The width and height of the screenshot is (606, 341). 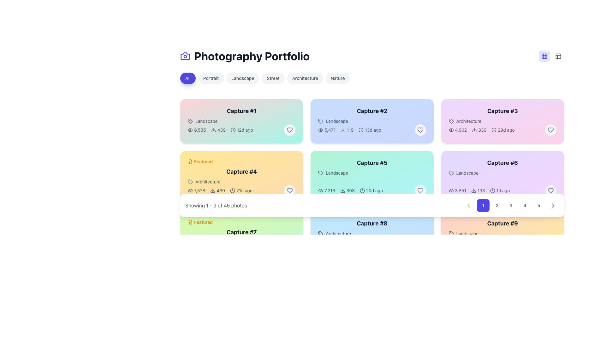 I want to click on the download count display, which shows the numeric value '119' next to a downward-facing download icon, so click(x=349, y=130).